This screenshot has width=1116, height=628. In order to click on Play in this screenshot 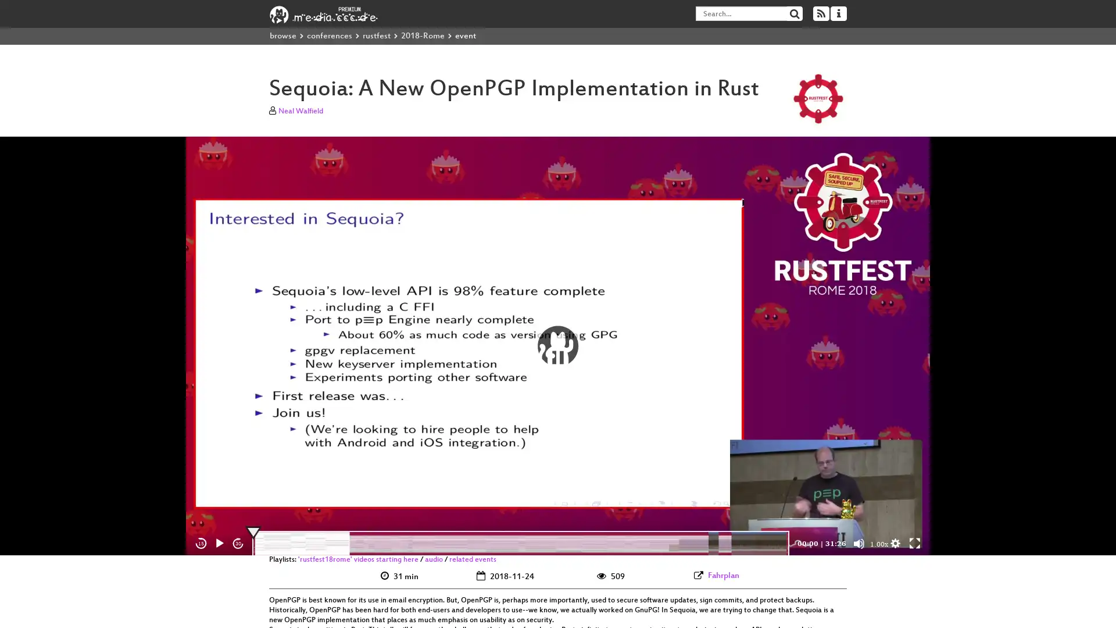, I will do `click(220, 543)`.